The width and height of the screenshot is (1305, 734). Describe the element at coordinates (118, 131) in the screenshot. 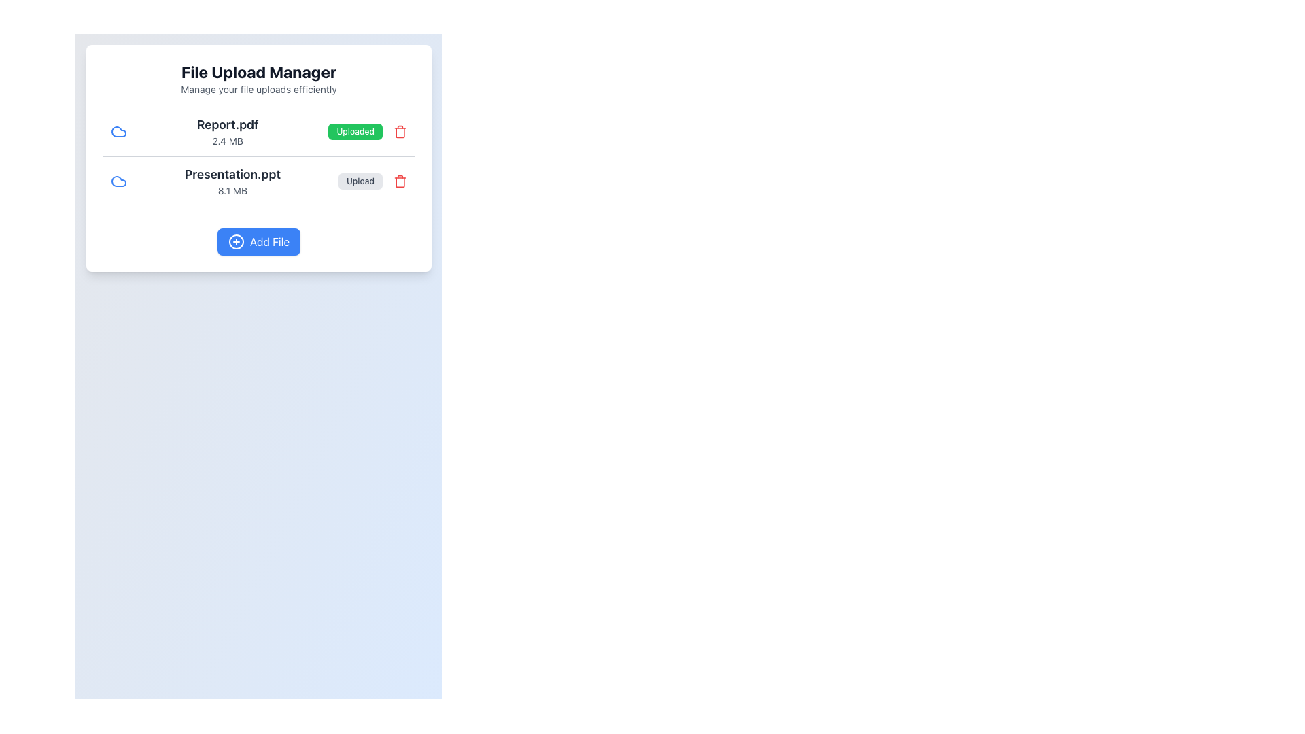

I see `the decorative icon indicating a file-related action for 'Report.pdf', which is located at the start of the row describing the file, to the left of the text 'Report.pdf' and aligned with the 'Uploaded' status` at that location.